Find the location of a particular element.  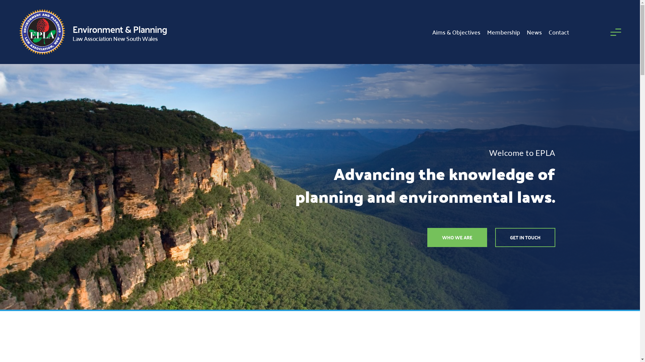

'GET IN TOUCH' is located at coordinates (525, 237).